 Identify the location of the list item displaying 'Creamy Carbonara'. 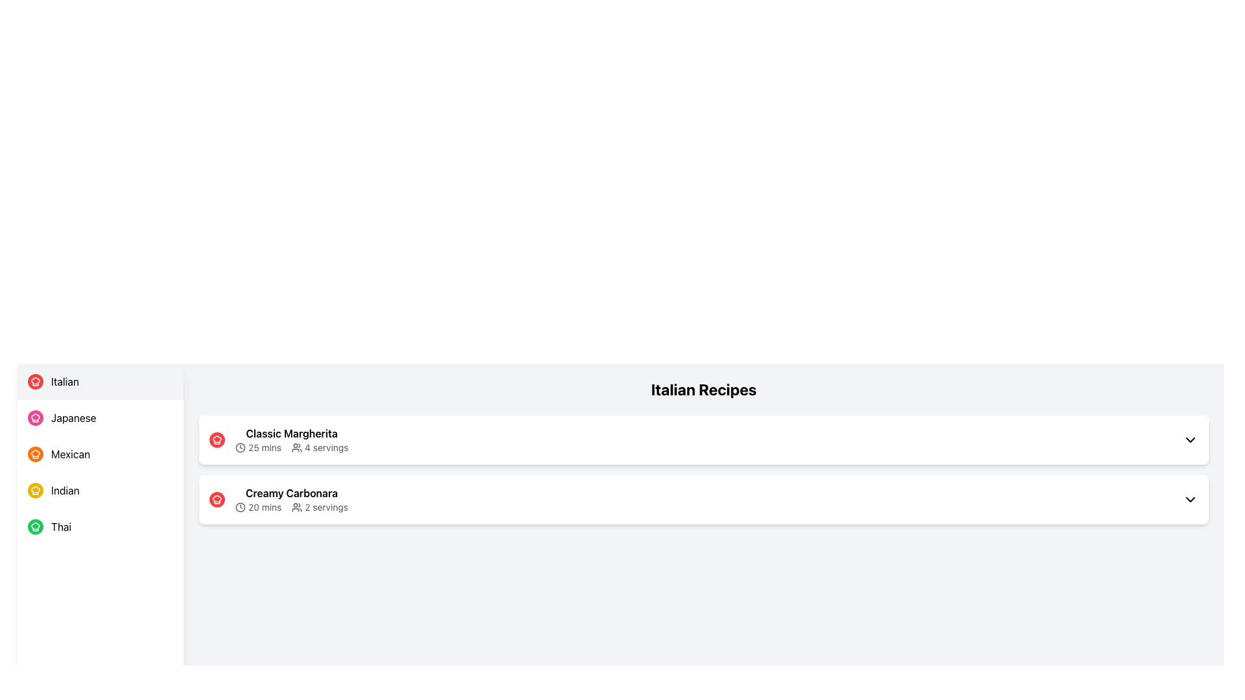
(291, 499).